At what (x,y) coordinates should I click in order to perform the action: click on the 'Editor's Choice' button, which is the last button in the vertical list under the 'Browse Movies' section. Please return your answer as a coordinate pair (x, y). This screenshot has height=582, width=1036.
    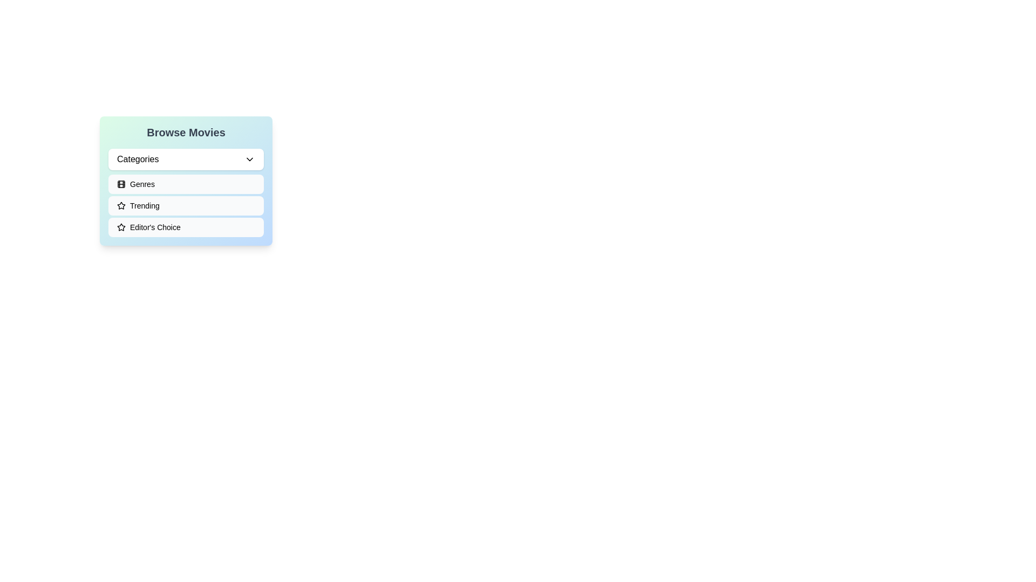
    Looking at the image, I should click on (186, 226).